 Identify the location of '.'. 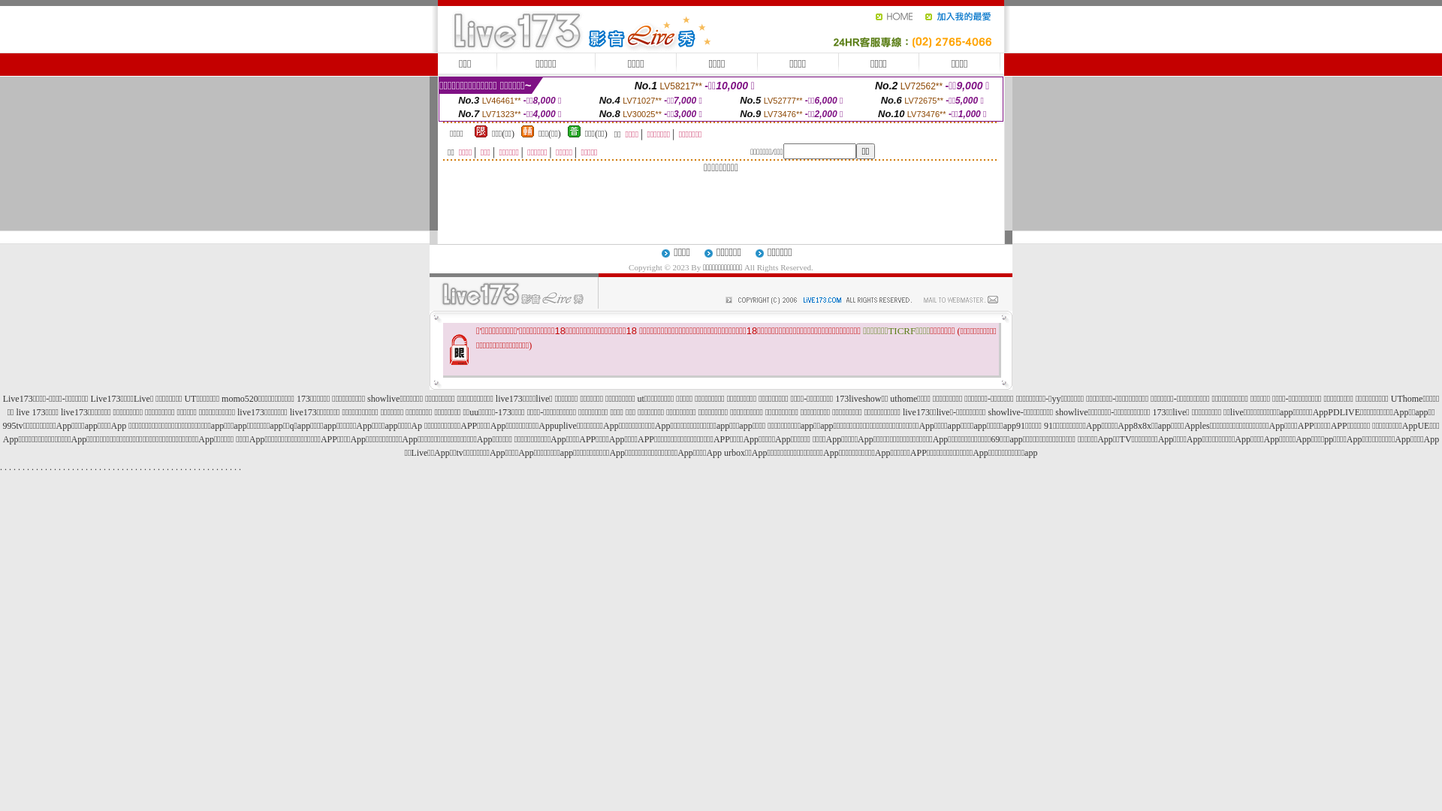
(90, 466).